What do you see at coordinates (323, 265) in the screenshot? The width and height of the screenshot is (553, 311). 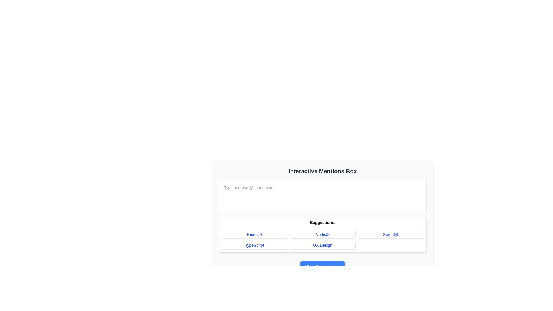 I see `the rectangular button with a blue background and white text reading 'Hide Suggestions'` at bounding box center [323, 265].